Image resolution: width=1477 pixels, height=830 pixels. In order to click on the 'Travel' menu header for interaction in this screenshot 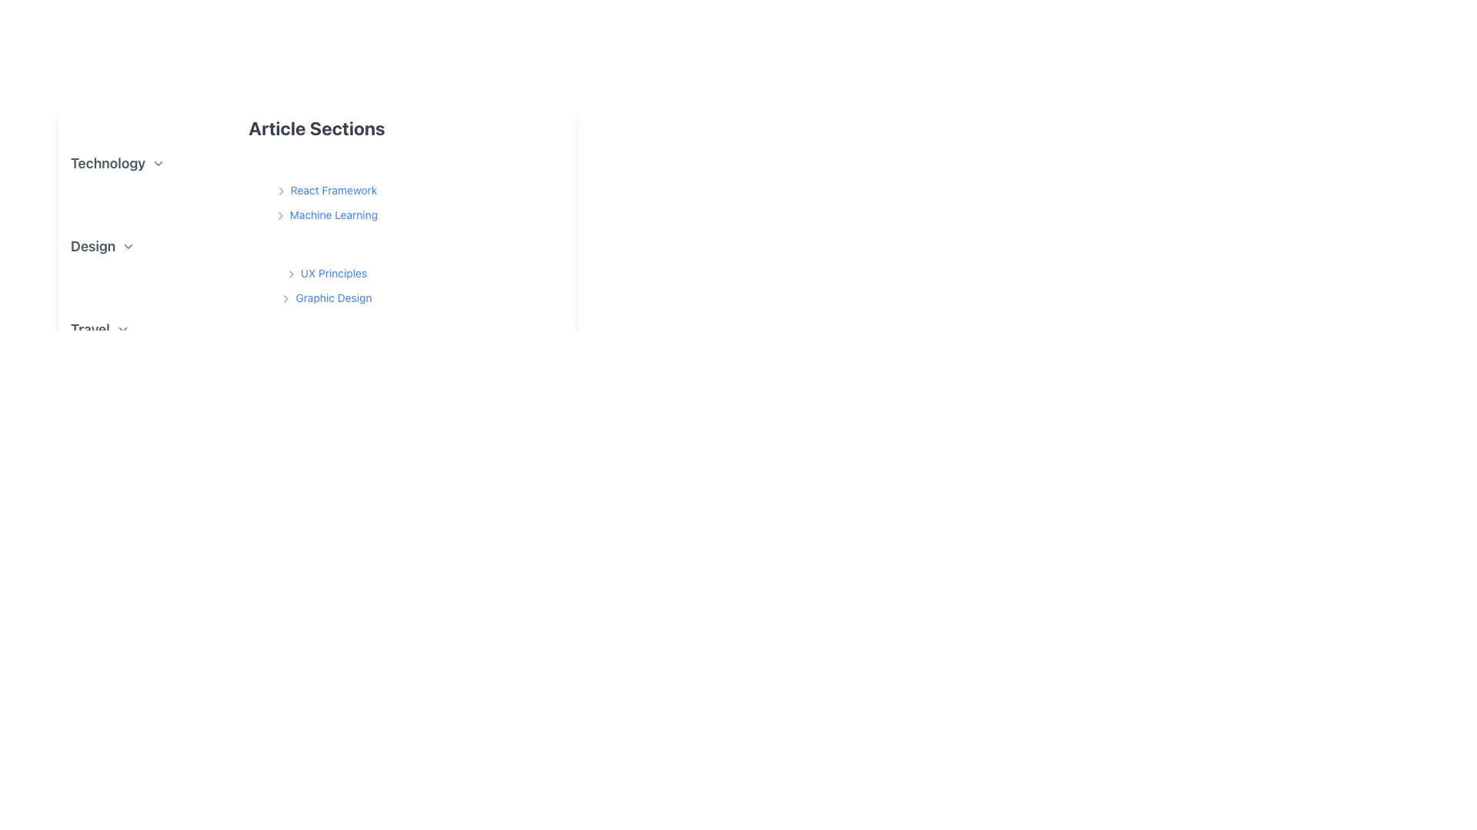, I will do `click(316, 328)`.